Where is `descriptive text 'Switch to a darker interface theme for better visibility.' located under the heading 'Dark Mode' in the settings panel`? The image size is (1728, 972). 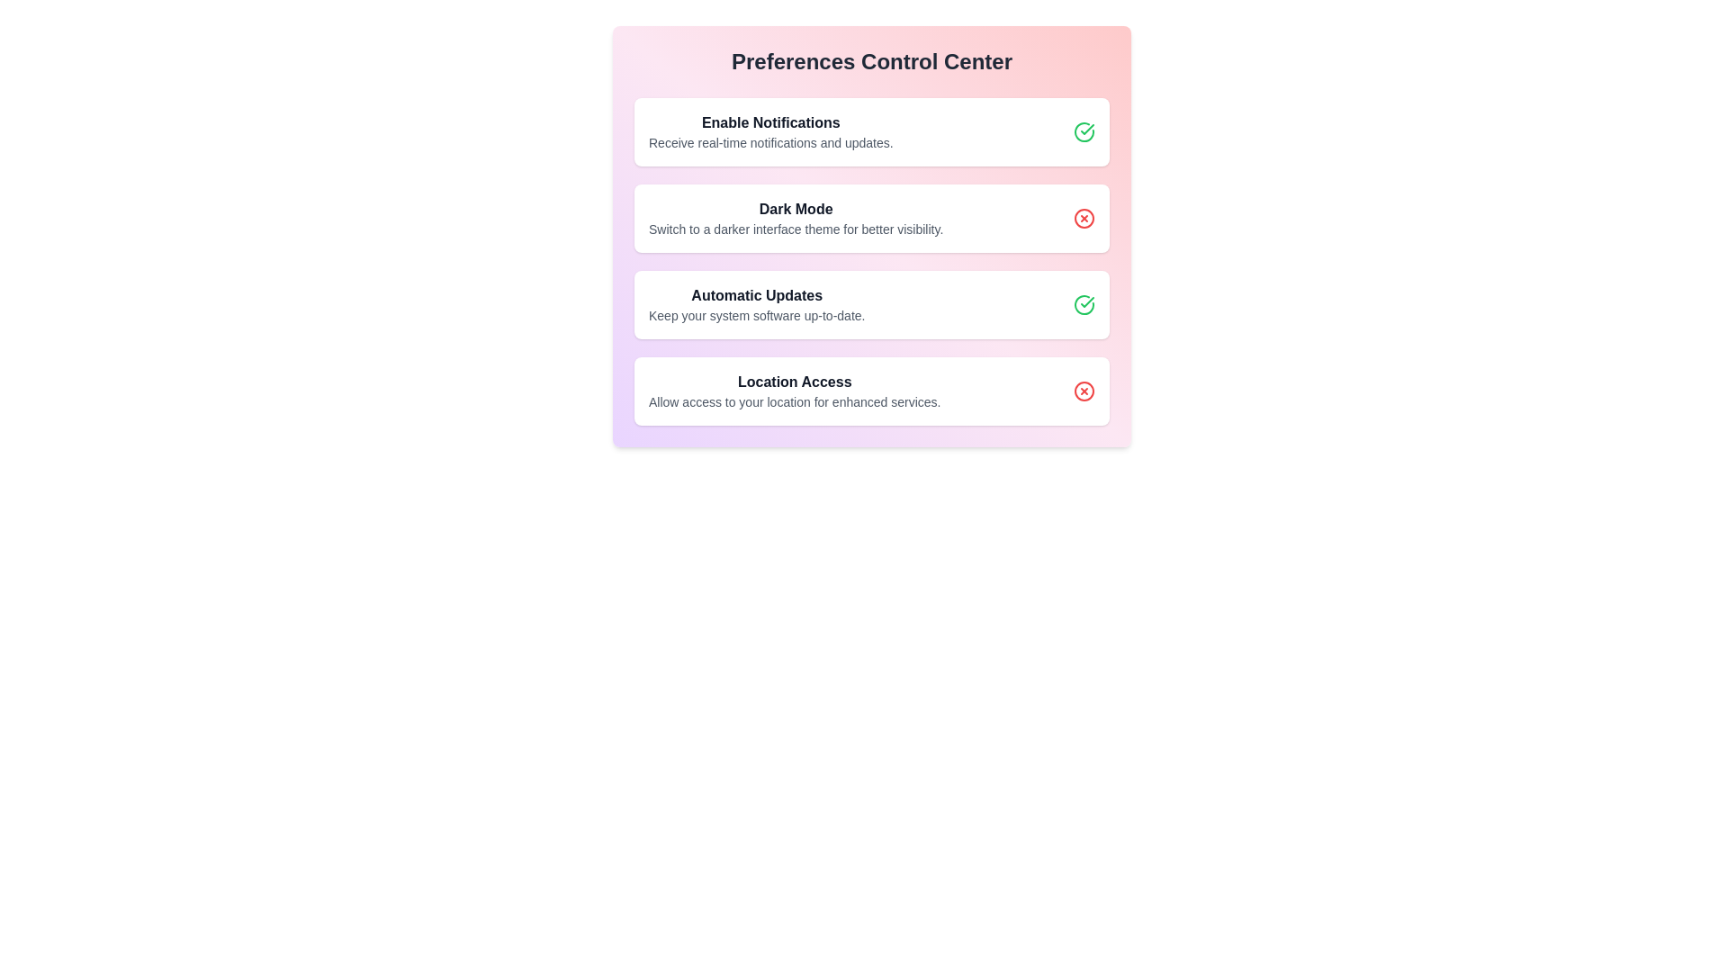 descriptive text 'Switch to a darker interface theme for better visibility.' located under the heading 'Dark Mode' in the settings panel is located at coordinates (795, 228).